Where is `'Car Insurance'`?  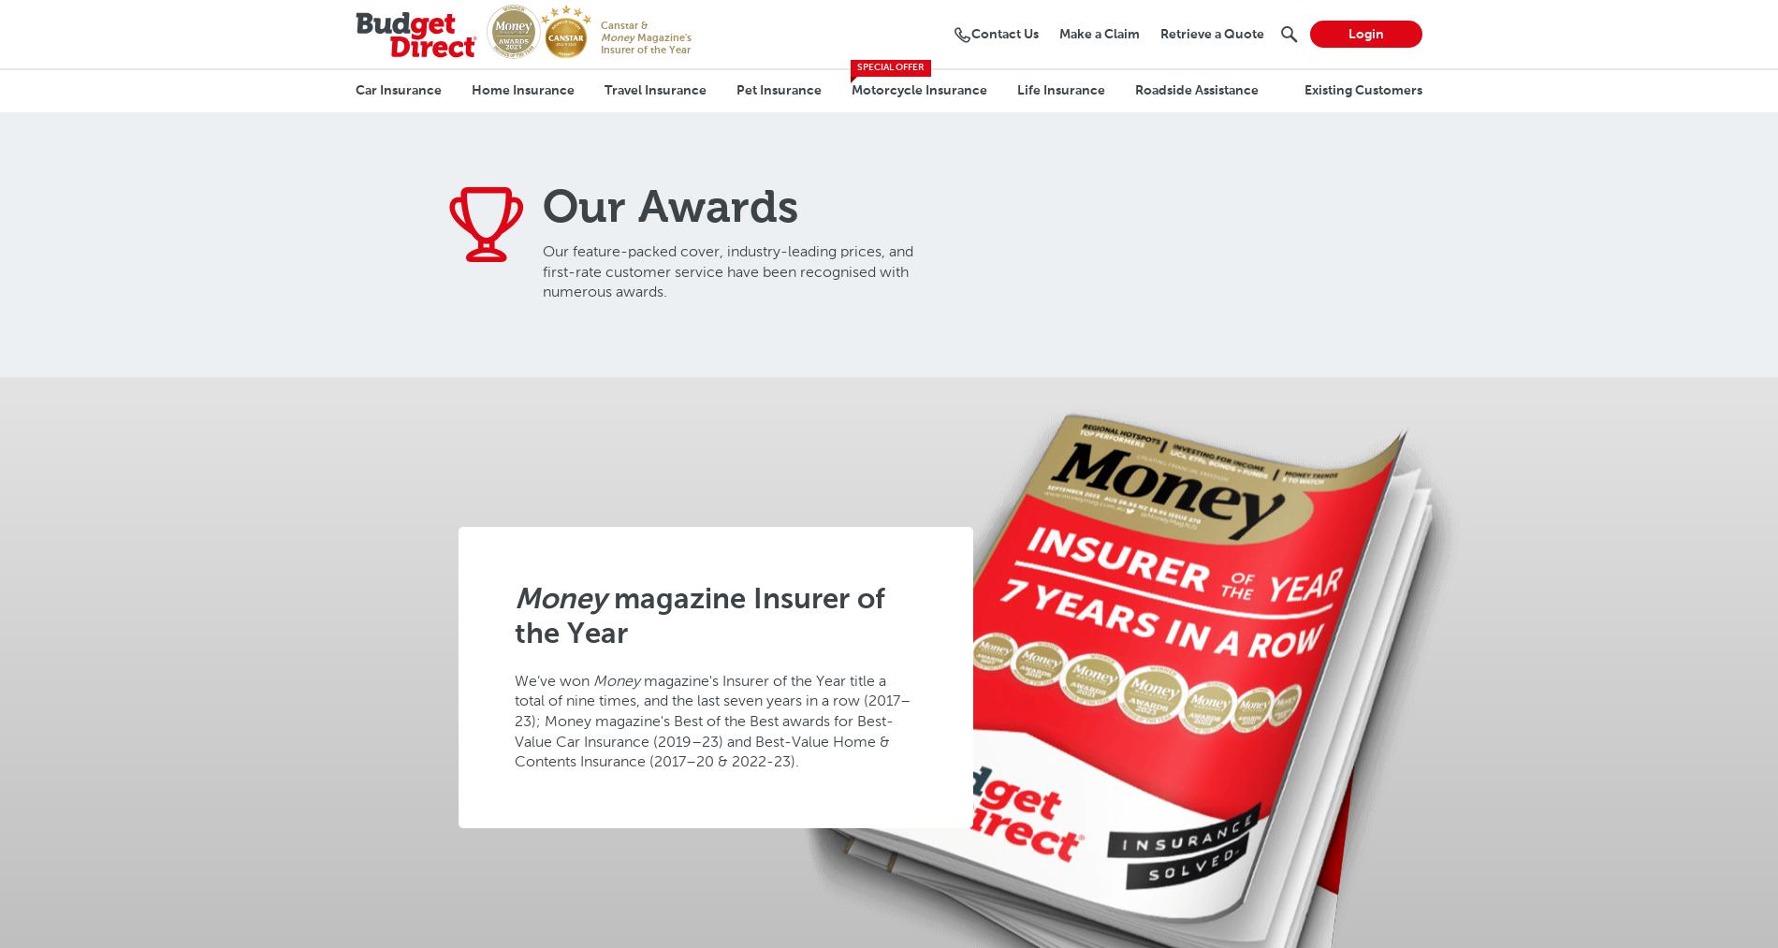
'Car Insurance' is located at coordinates (397, 90).